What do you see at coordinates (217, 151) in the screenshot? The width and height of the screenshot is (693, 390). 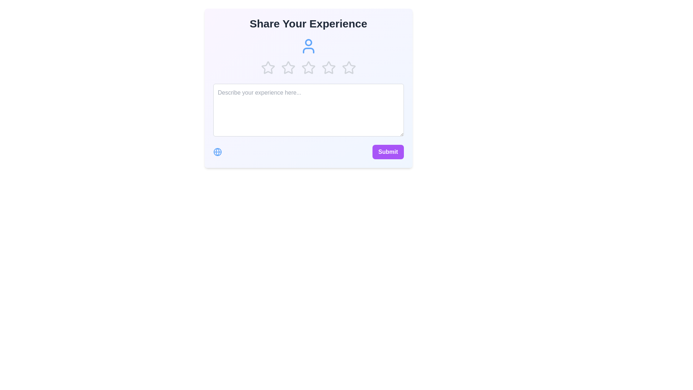 I see `the blue SVG Circle, which is part of the globe icon located in the bottom-left corner of the card interface` at bounding box center [217, 151].